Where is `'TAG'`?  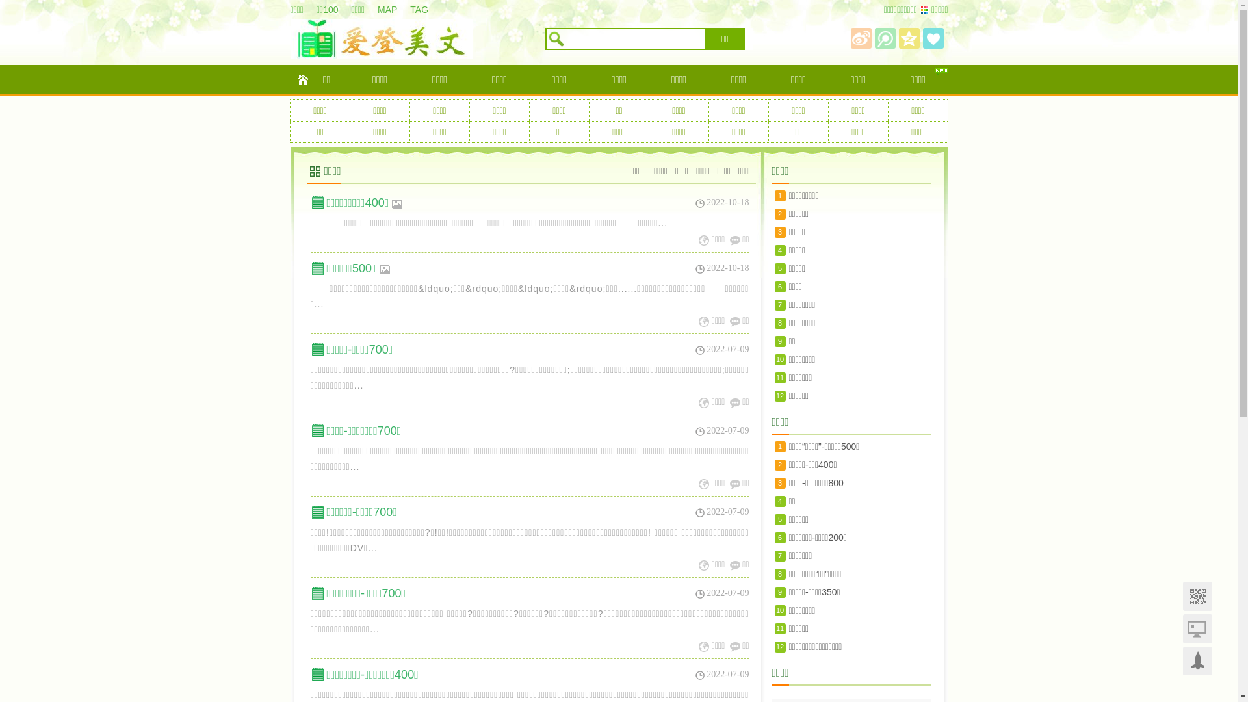
'TAG' is located at coordinates (409, 10).